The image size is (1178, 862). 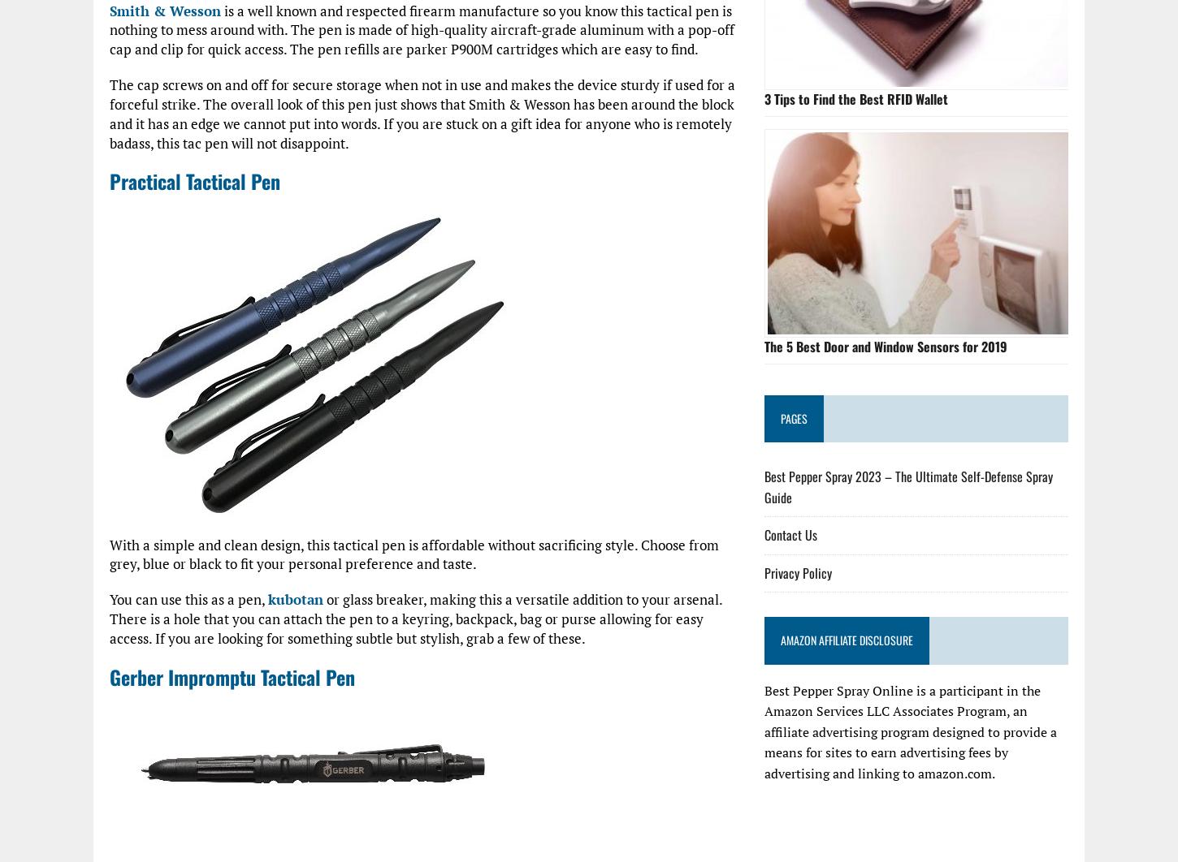 What do you see at coordinates (422, 29) in the screenshot?
I see `'is a well known and respected firearm manufacture so you know this tactical pen is nothing to mess around with. The pen is made of high-quality aircraft-grade aluminum with a pop-off cap and clip for quick access. The pen refills are parker P900M cartridges which are easy to find.'` at bounding box center [422, 29].